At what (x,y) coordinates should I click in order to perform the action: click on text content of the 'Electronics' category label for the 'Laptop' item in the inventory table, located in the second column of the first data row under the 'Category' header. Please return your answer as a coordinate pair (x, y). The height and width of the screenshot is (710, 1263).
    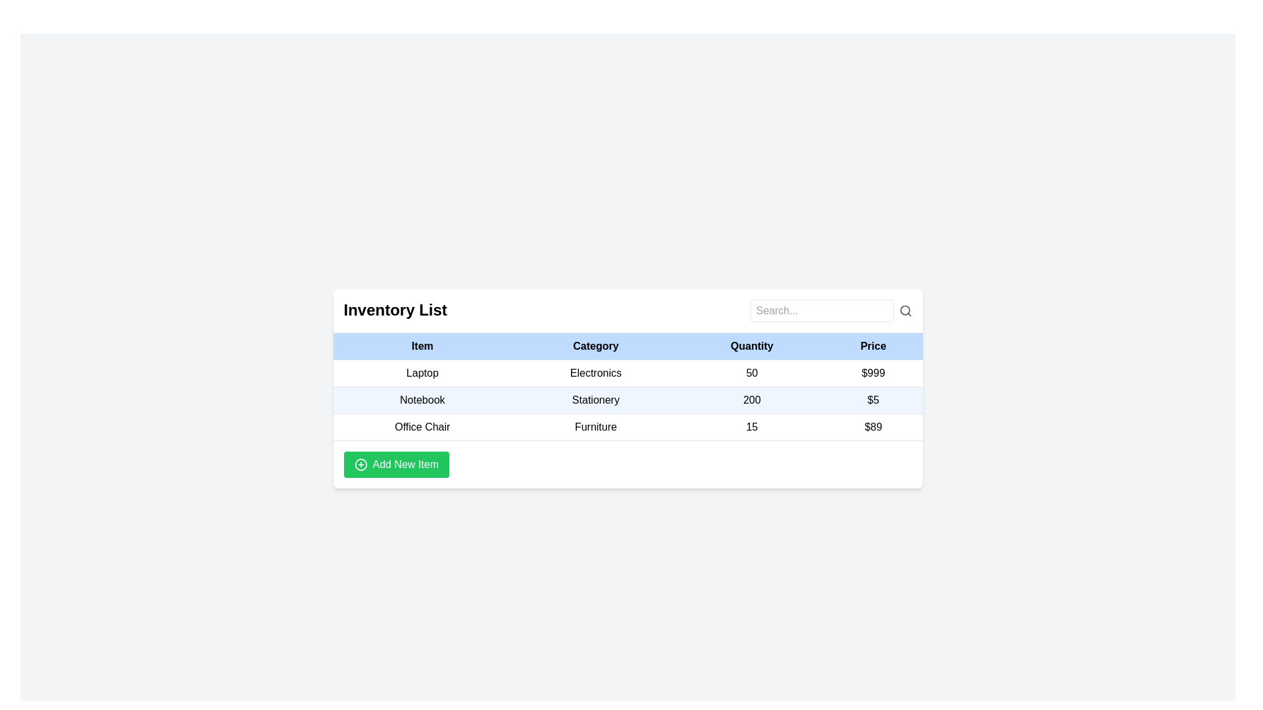
    Looking at the image, I should click on (595, 373).